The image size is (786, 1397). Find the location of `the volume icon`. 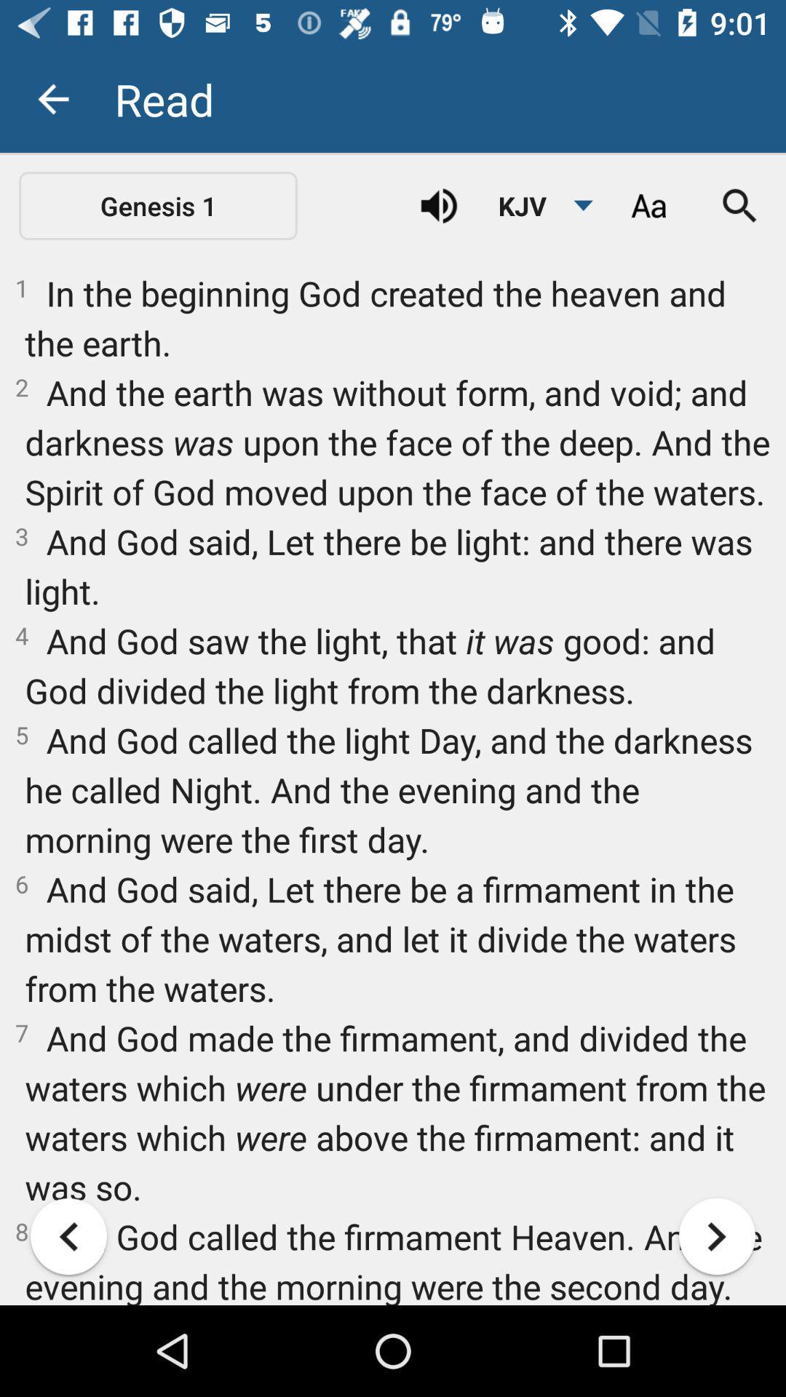

the volume icon is located at coordinates (438, 205).